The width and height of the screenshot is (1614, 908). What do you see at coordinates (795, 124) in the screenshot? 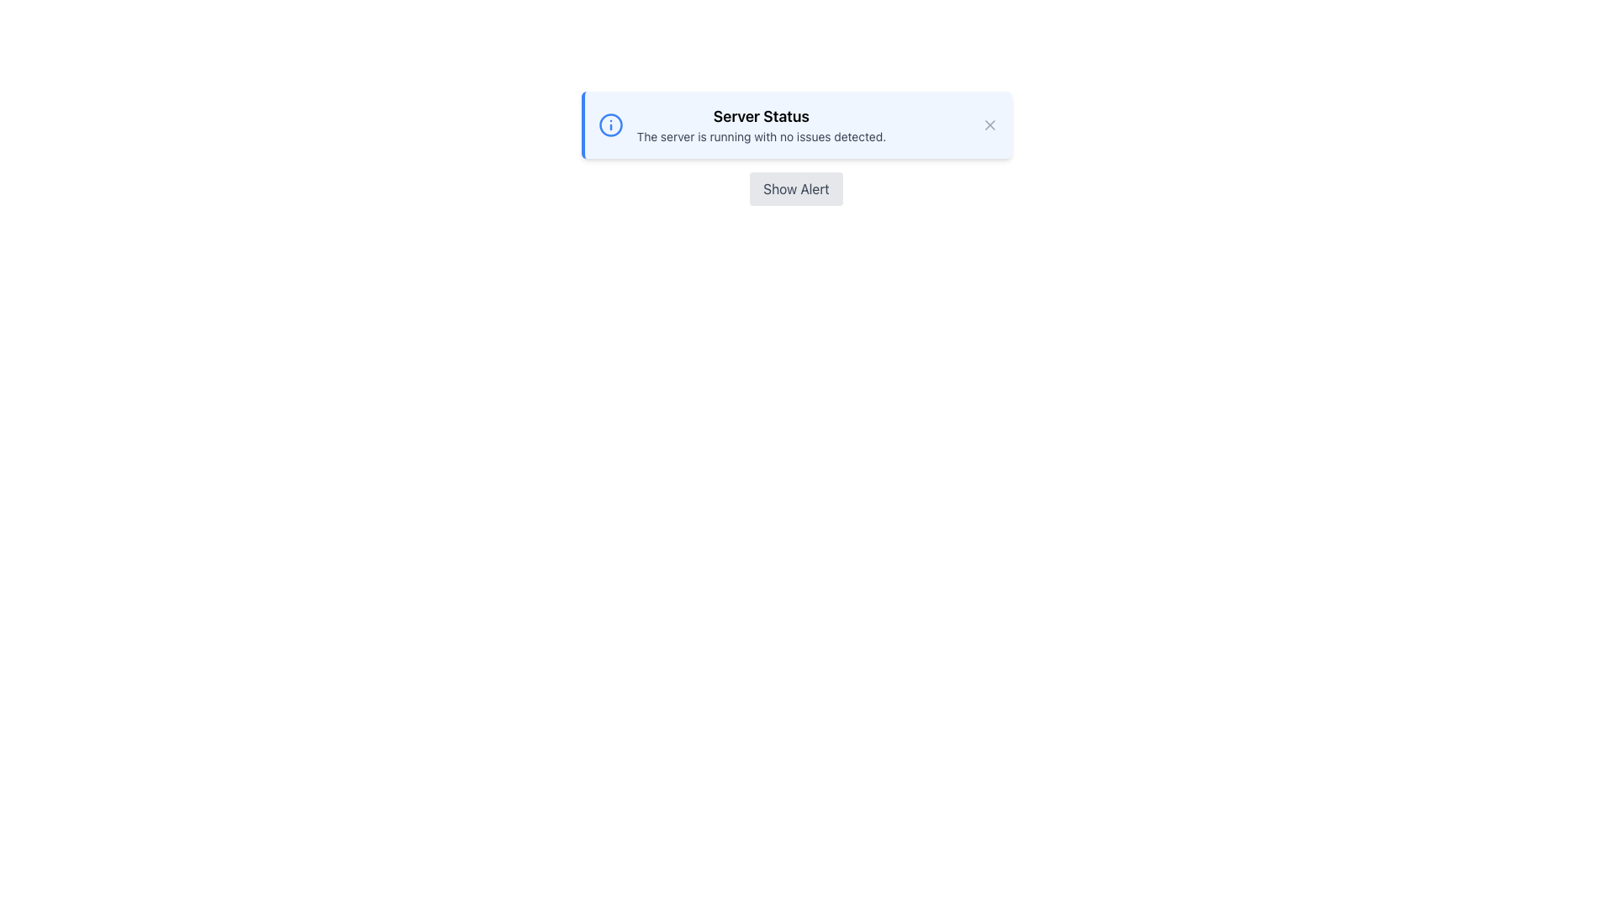
I see `the Notification banner to interact with its contained elements` at bounding box center [795, 124].